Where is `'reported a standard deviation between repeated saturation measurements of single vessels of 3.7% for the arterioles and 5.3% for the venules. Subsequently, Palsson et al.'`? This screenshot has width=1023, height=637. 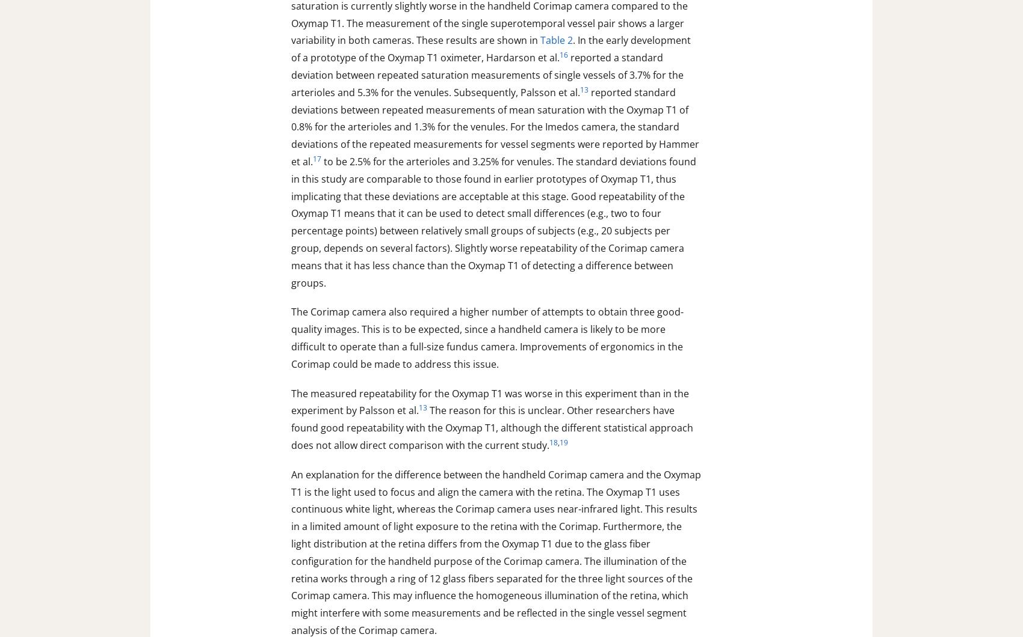 'reported a standard deviation between repeated saturation measurements of single vessels of 3.7% for the arterioles and 5.3% for the venules. Subsequently, Palsson et al.' is located at coordinates (487, 75).